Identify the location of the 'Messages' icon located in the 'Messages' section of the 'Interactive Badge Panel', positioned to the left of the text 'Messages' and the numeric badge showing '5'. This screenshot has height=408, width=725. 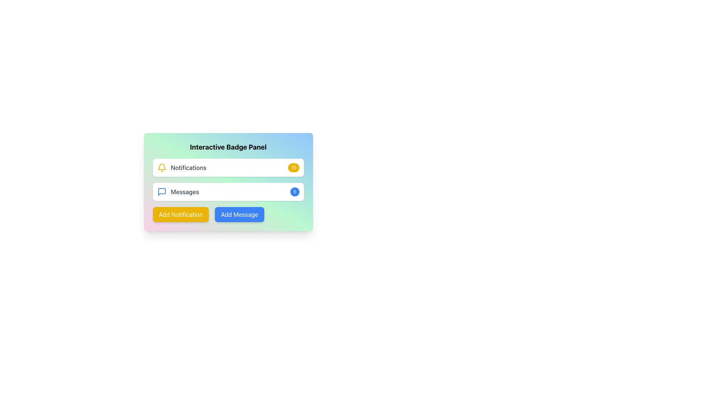
(161, 192).